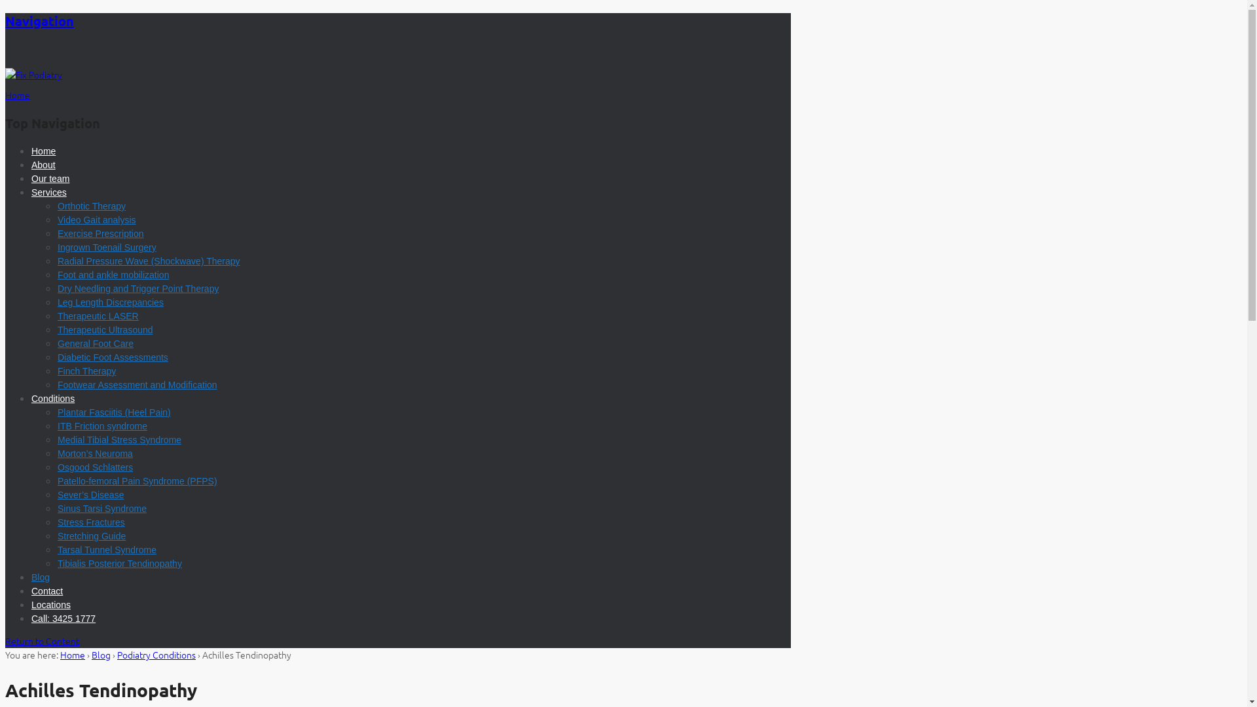 This screenshot has width=1257, height=707. Describe the element at coordinates (113, 357) in the screenshot. I see `'Diabetic Foot Assessments'` at that location.